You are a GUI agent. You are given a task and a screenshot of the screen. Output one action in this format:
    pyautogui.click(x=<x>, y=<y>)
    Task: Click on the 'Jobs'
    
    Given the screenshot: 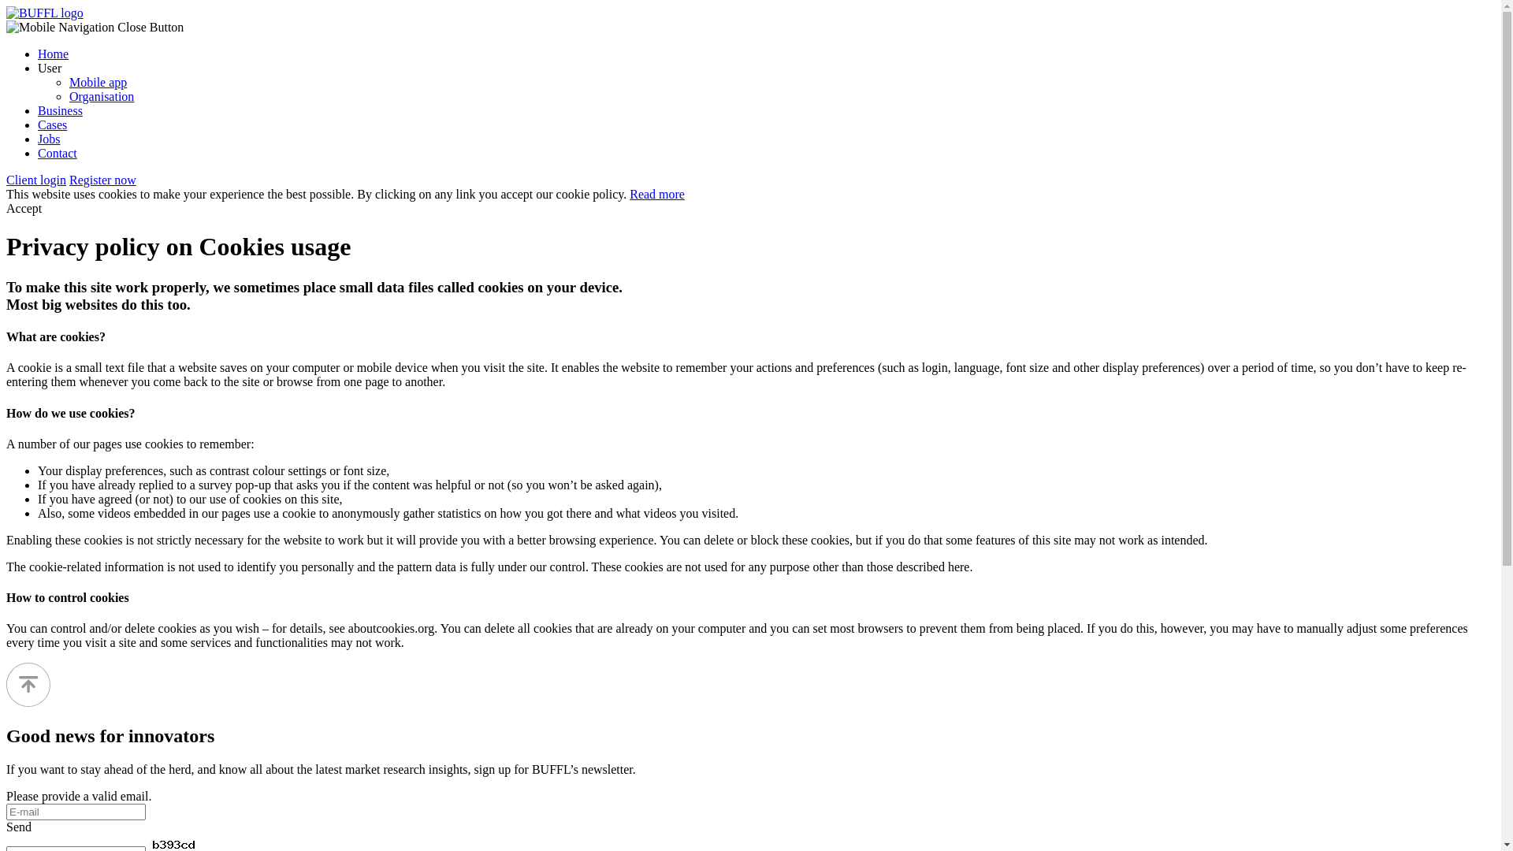 What is the action you would take?
    pyautogui.click(x=49, y=138)
    